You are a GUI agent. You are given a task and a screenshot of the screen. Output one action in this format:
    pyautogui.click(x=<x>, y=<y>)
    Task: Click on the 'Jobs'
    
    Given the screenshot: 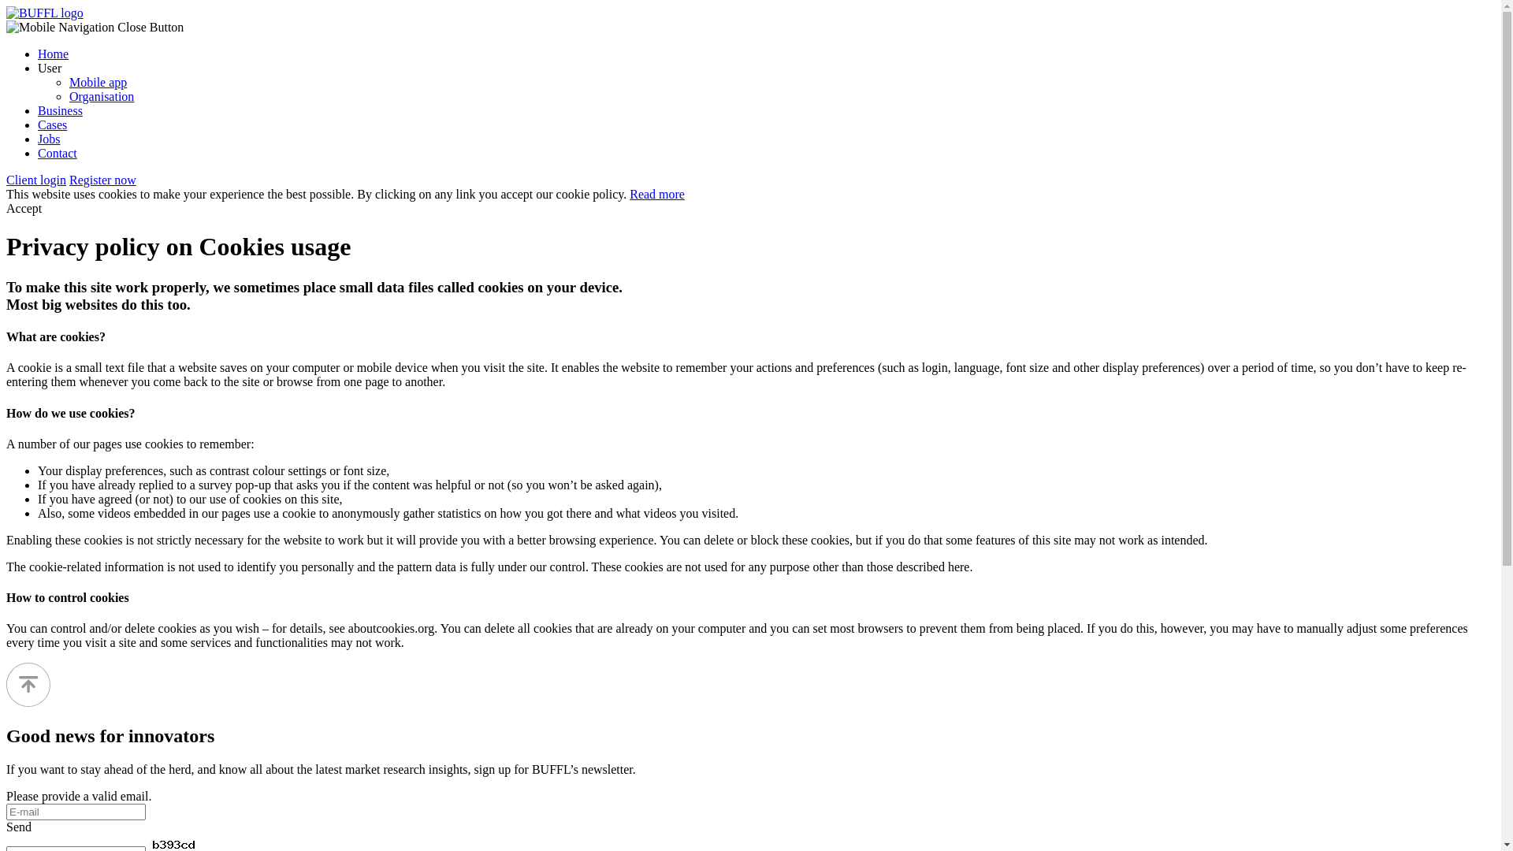 What is the action you would take?
    pyautogui.click(x=49, y=138)
    